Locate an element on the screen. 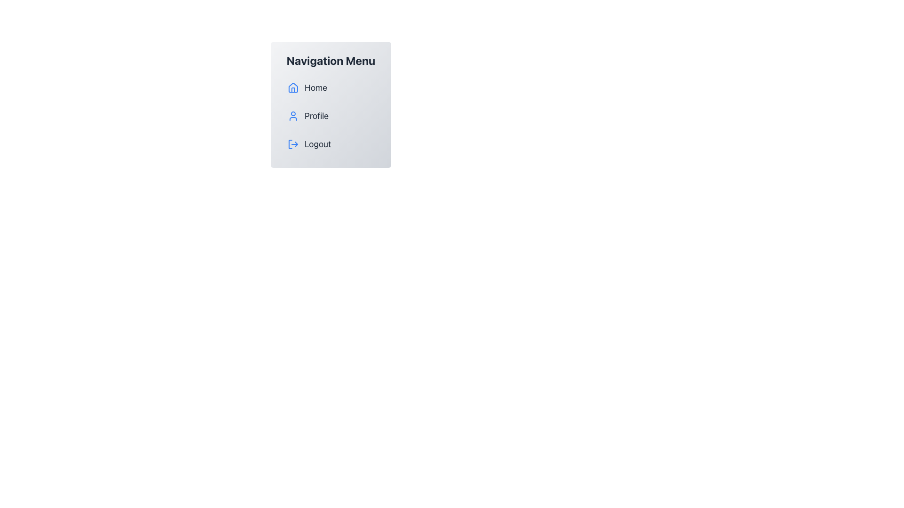 This screenshot has height=508, width=904. the 'Navigation Menu' text label styled in bold, large font at the top of the menu card is located at coordinates (331, 60).